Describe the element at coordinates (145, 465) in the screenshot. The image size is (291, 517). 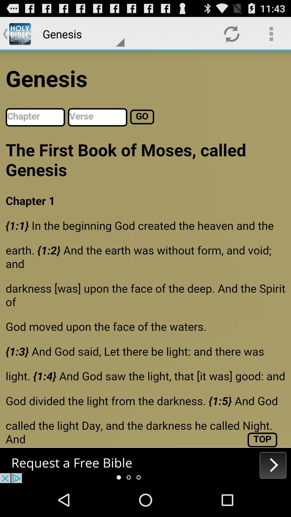
I see `the next option` at that location.